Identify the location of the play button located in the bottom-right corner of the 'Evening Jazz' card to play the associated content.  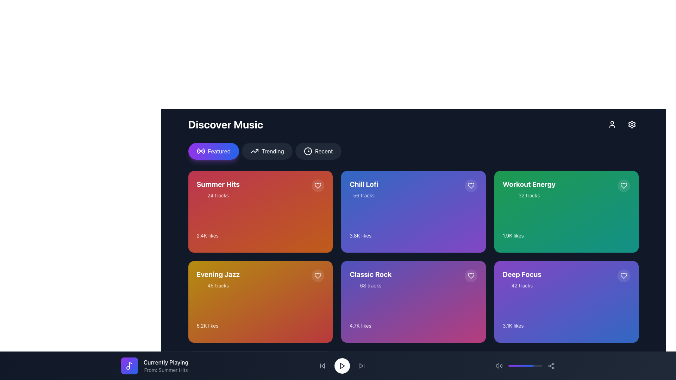
(315, 336).